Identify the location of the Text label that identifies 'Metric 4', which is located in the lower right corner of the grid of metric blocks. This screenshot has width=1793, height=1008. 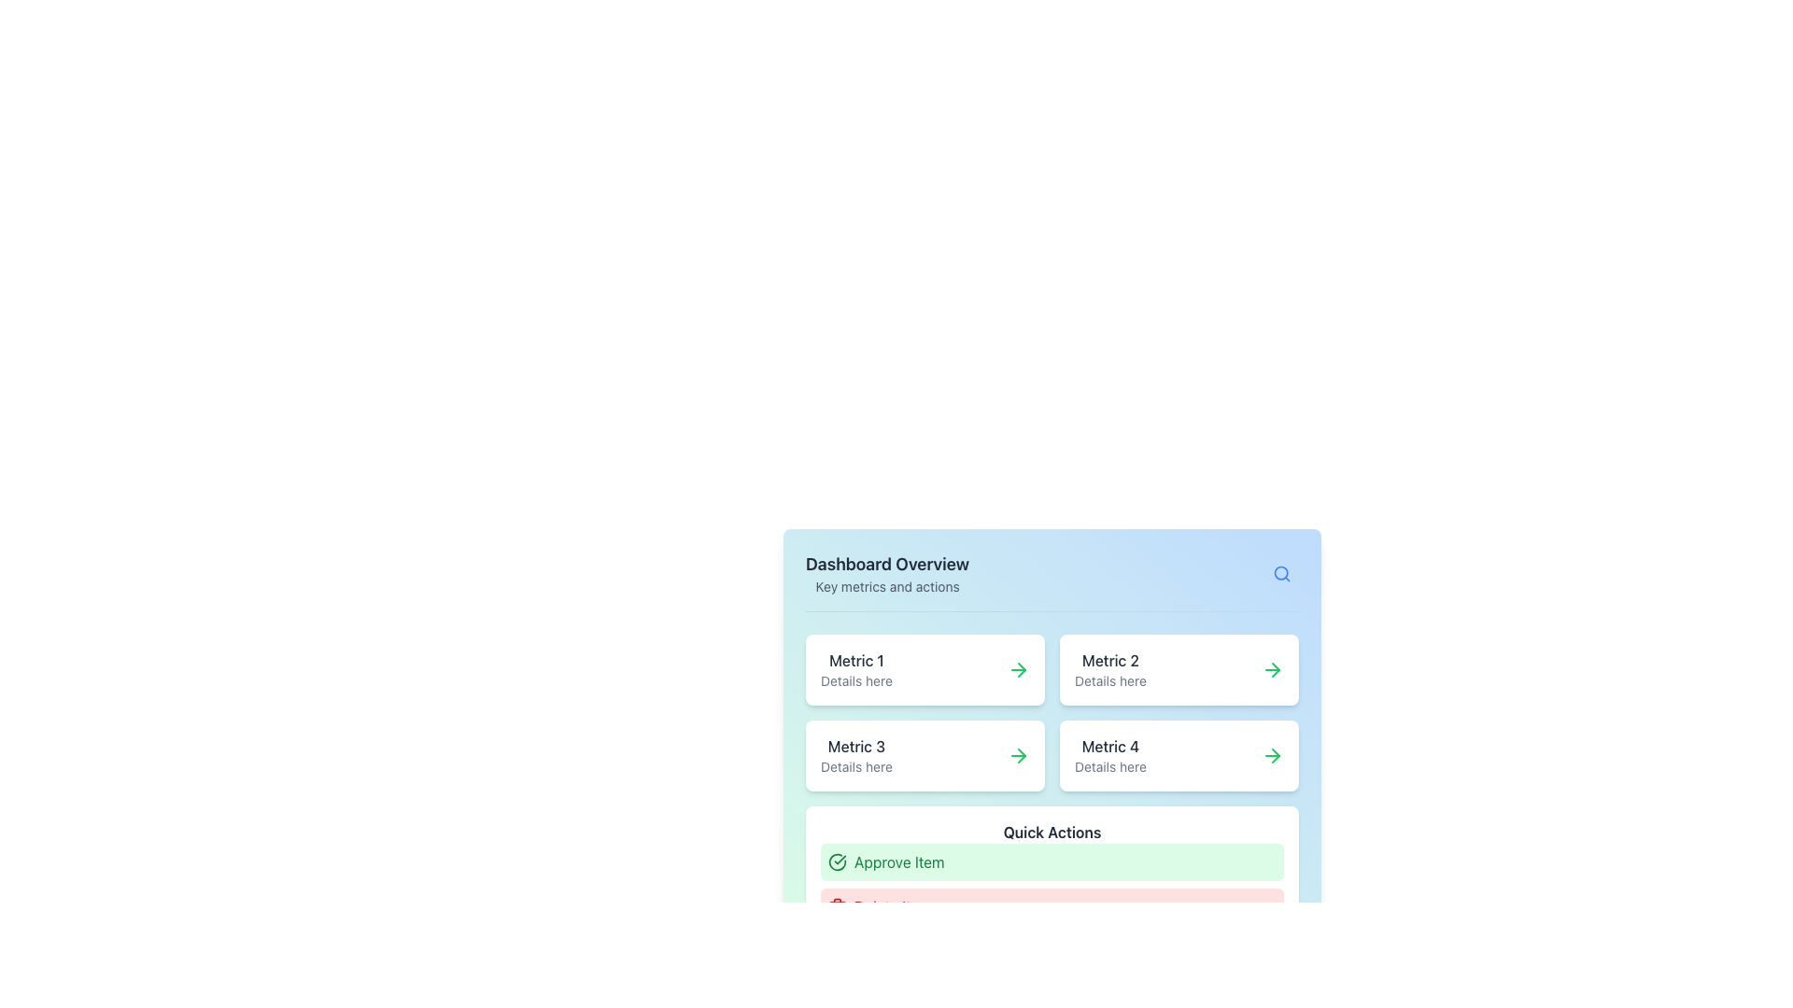
(1110, 745).